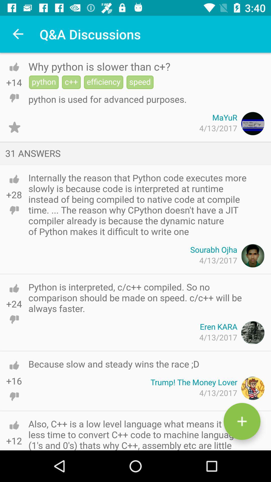 The image size is (271, 482). I want to click on set as favorite, so click(14, 127).